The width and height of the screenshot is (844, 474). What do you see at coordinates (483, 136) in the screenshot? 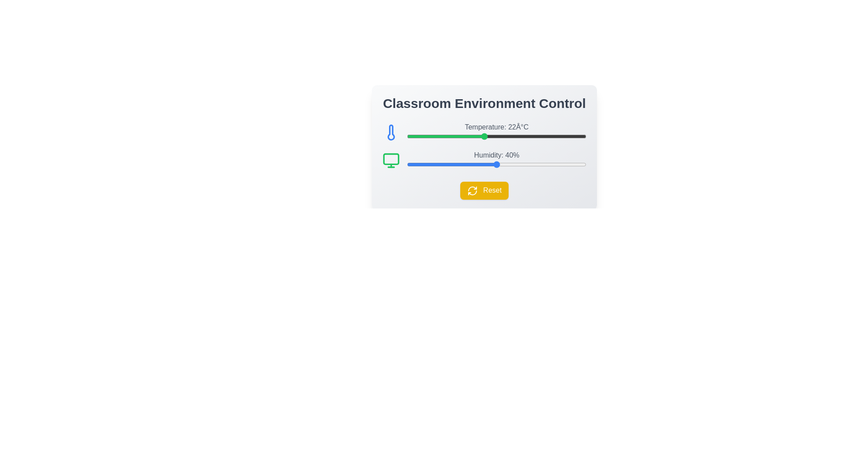
I see `the temperature slider to 22°C` at bounding box center [483, 136].